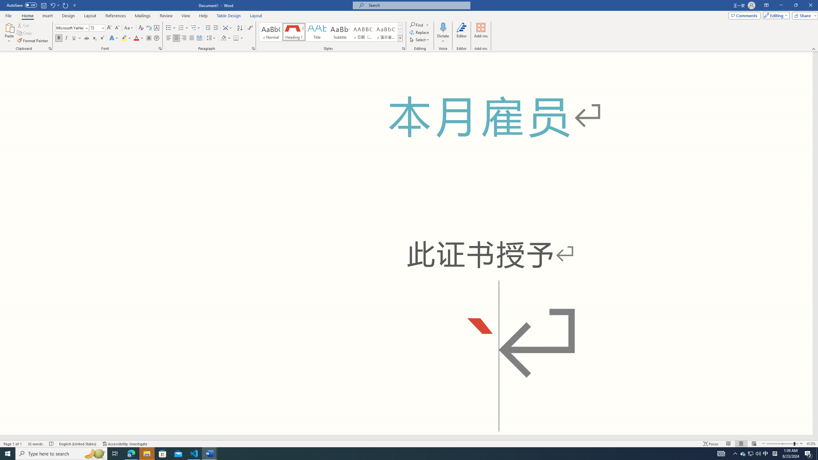 Image resolution: width=818 pixels, height=460 pixels. I want to click on 'AutomationID: QuickStylesGallery', so click(331, 32).